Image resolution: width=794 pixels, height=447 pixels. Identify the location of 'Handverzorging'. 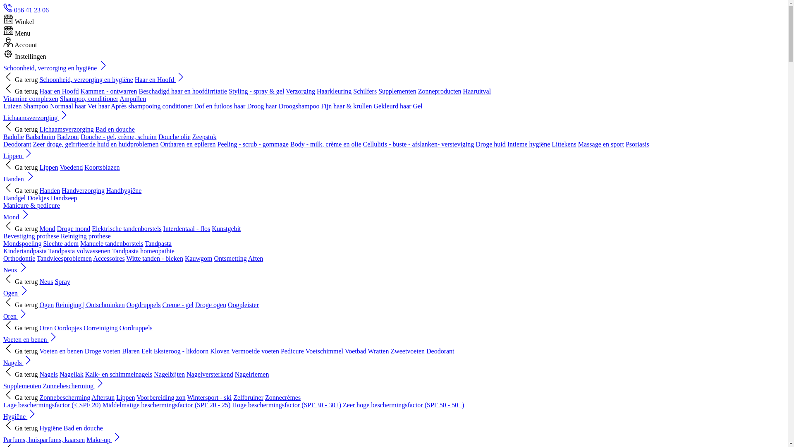
(83, 190).